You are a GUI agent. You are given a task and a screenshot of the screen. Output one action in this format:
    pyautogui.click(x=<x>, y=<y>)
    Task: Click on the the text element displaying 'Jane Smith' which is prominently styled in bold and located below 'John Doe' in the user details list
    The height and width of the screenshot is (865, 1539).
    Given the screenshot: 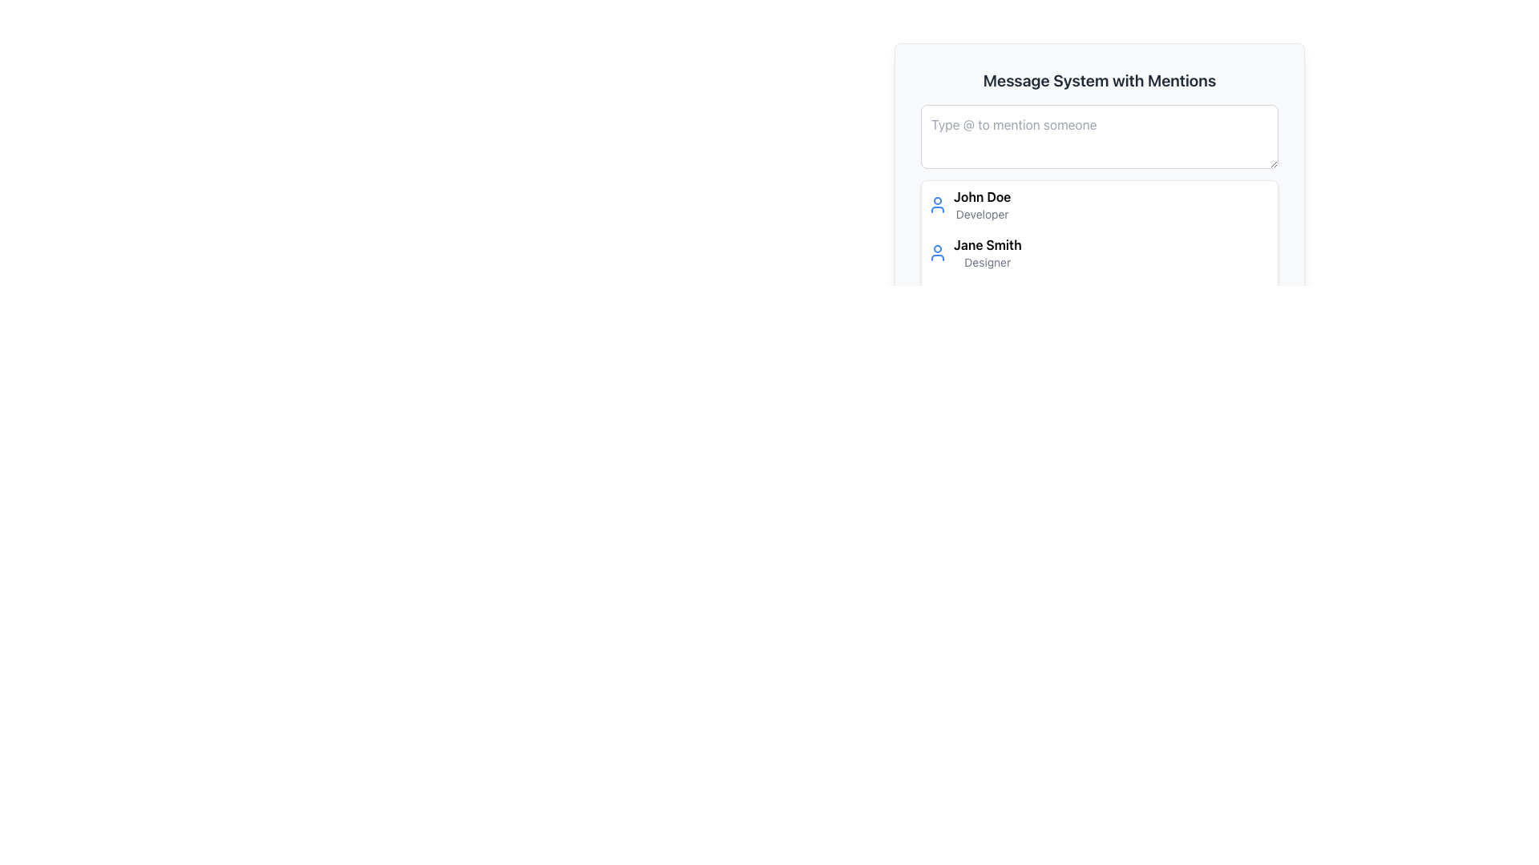 What is the action you would take?
    pyautogui.click(x=987, y=244)
    